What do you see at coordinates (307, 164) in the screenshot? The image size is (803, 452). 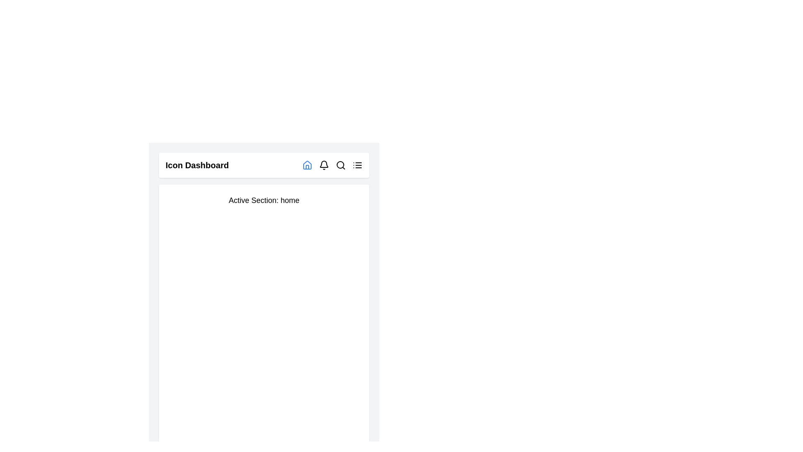 I see `the stylized house icon located in the top-right corner of the interface` at bounding box center [307, 164].